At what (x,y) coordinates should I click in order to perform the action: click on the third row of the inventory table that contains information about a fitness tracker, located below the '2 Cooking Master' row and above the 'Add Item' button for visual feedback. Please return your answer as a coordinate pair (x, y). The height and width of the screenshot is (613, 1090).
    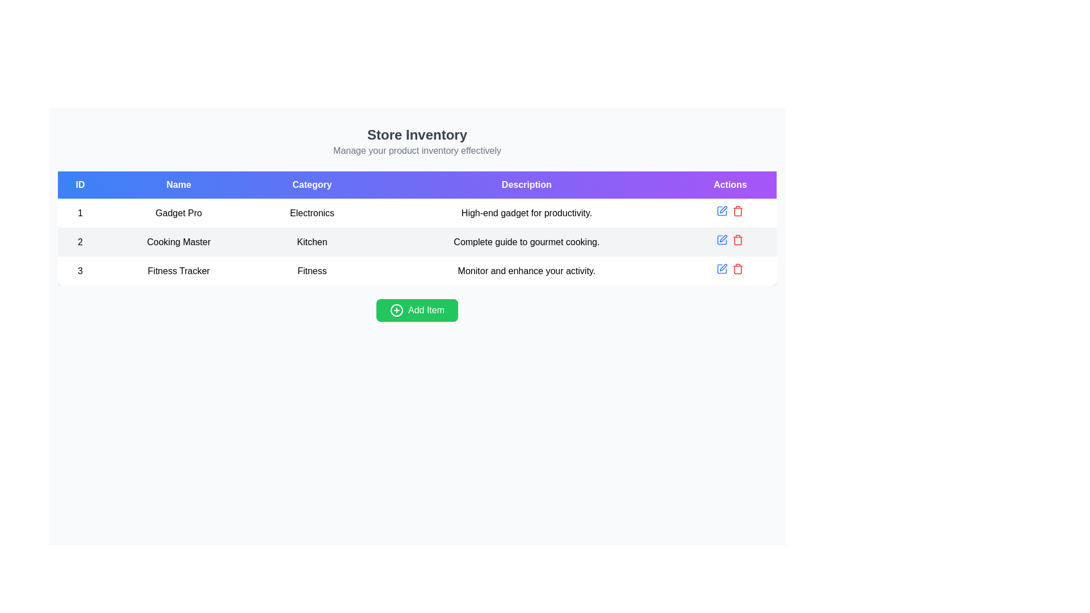
    Looking at the image, I should click on (416, 271).